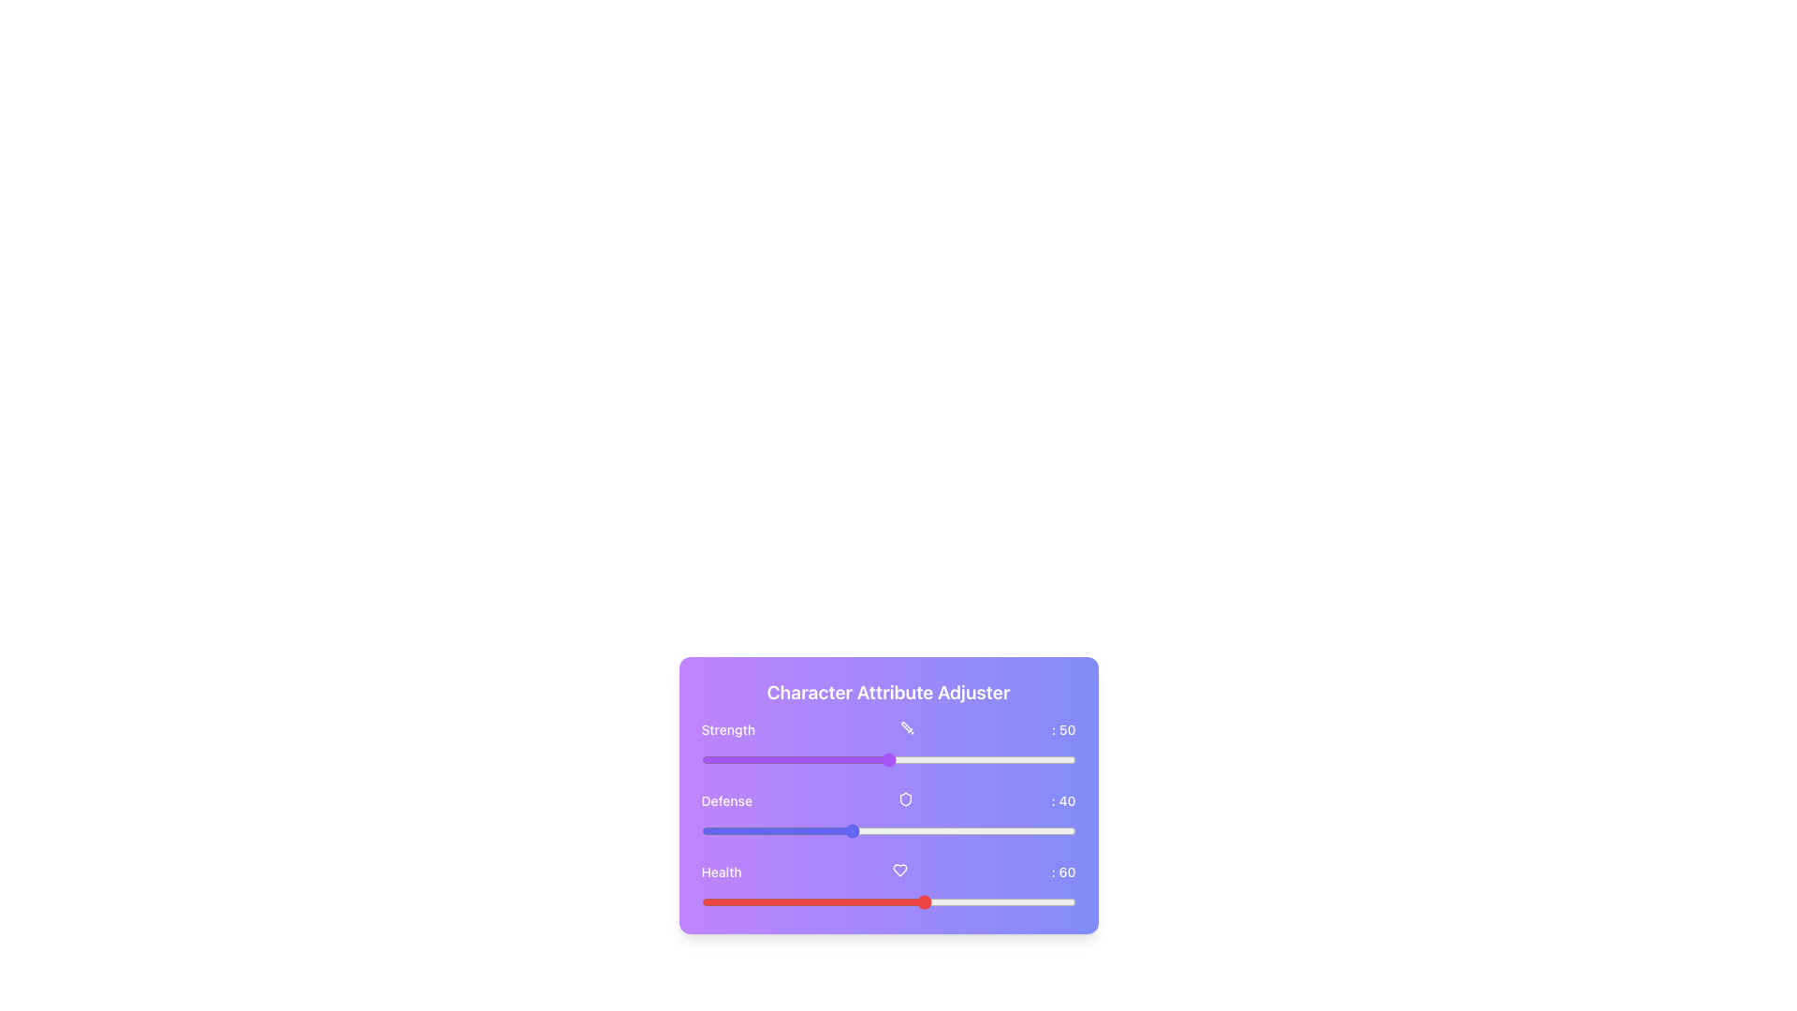  What do you see at coordinates (887, 693) in the screenshot?
I see `the static text label that serves as the title for adjusting character attributes, located at the top of the interface` at bounding box center [887, 693].